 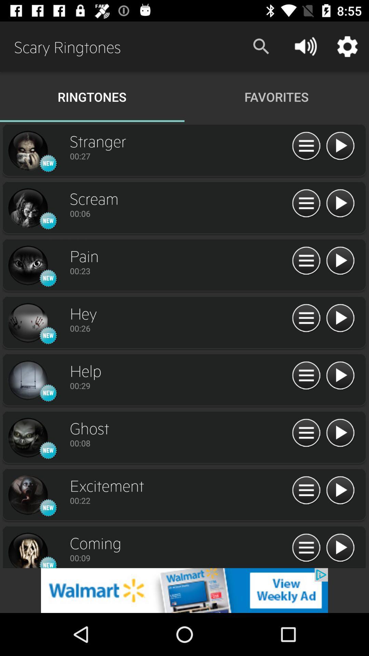 I want to click on listen to option, so click(x=340, y=203).